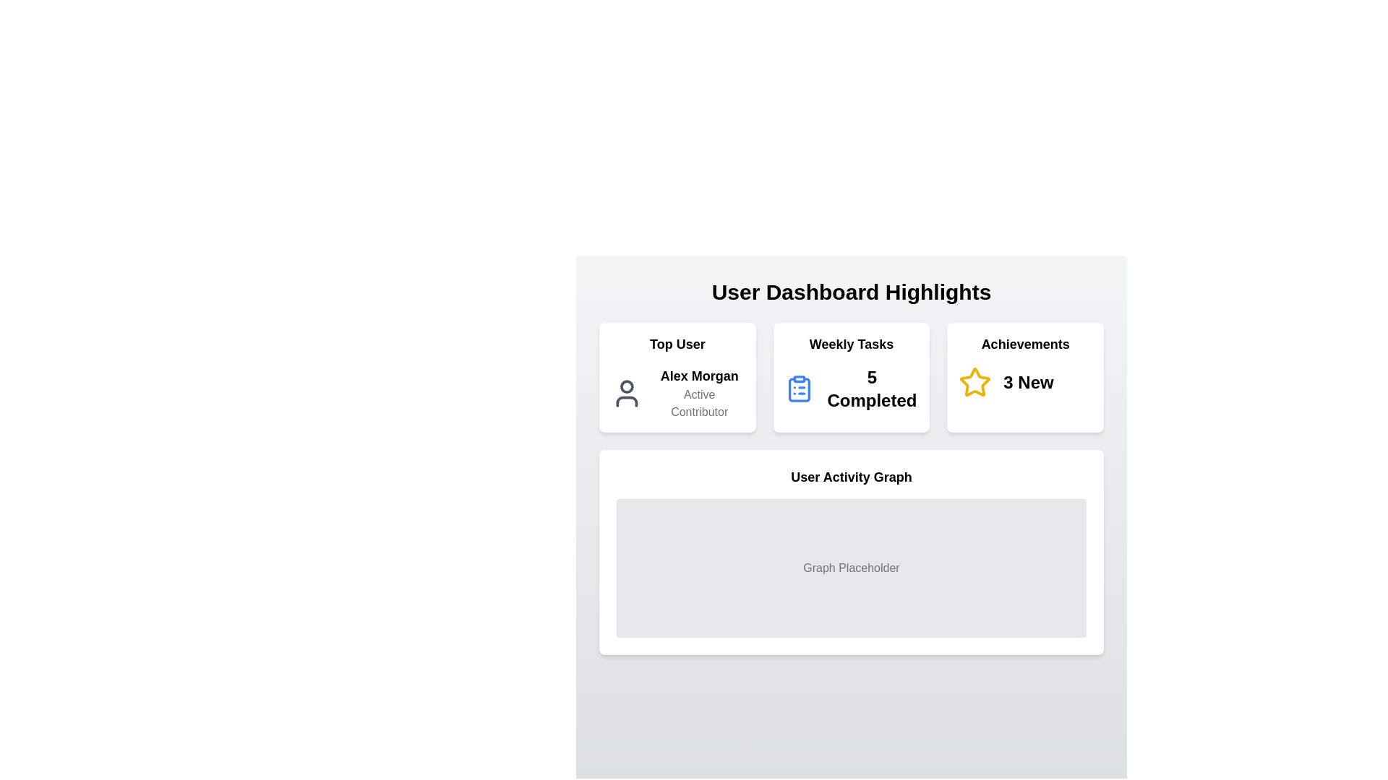 This screenshot has width=1388, height=780. Describe the element at coordinates (699, 404) in the screenshot. I see `the Static text displaying 'Active Contributor', which is located below 'Alex Morgan' in the 'Top User' section of the dashboard` at that location.